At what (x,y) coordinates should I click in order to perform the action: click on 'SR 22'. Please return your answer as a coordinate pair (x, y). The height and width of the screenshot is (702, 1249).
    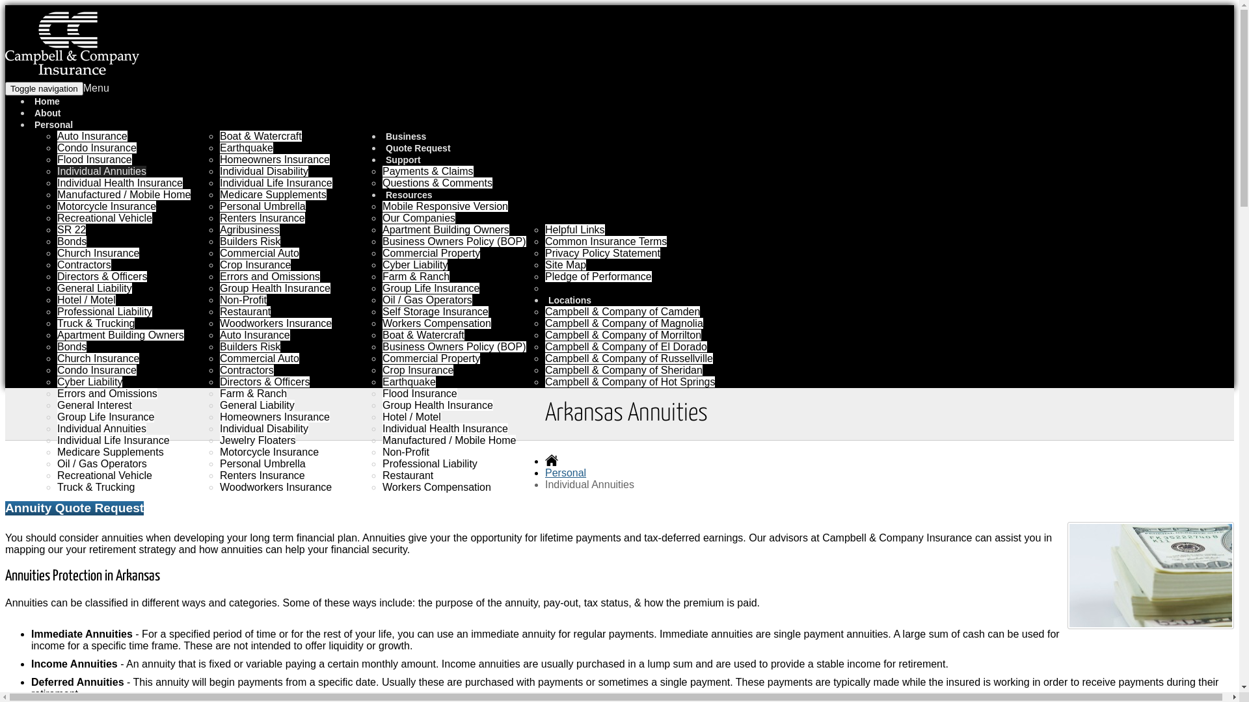
    Looking at the image, I should click on (56, 229).